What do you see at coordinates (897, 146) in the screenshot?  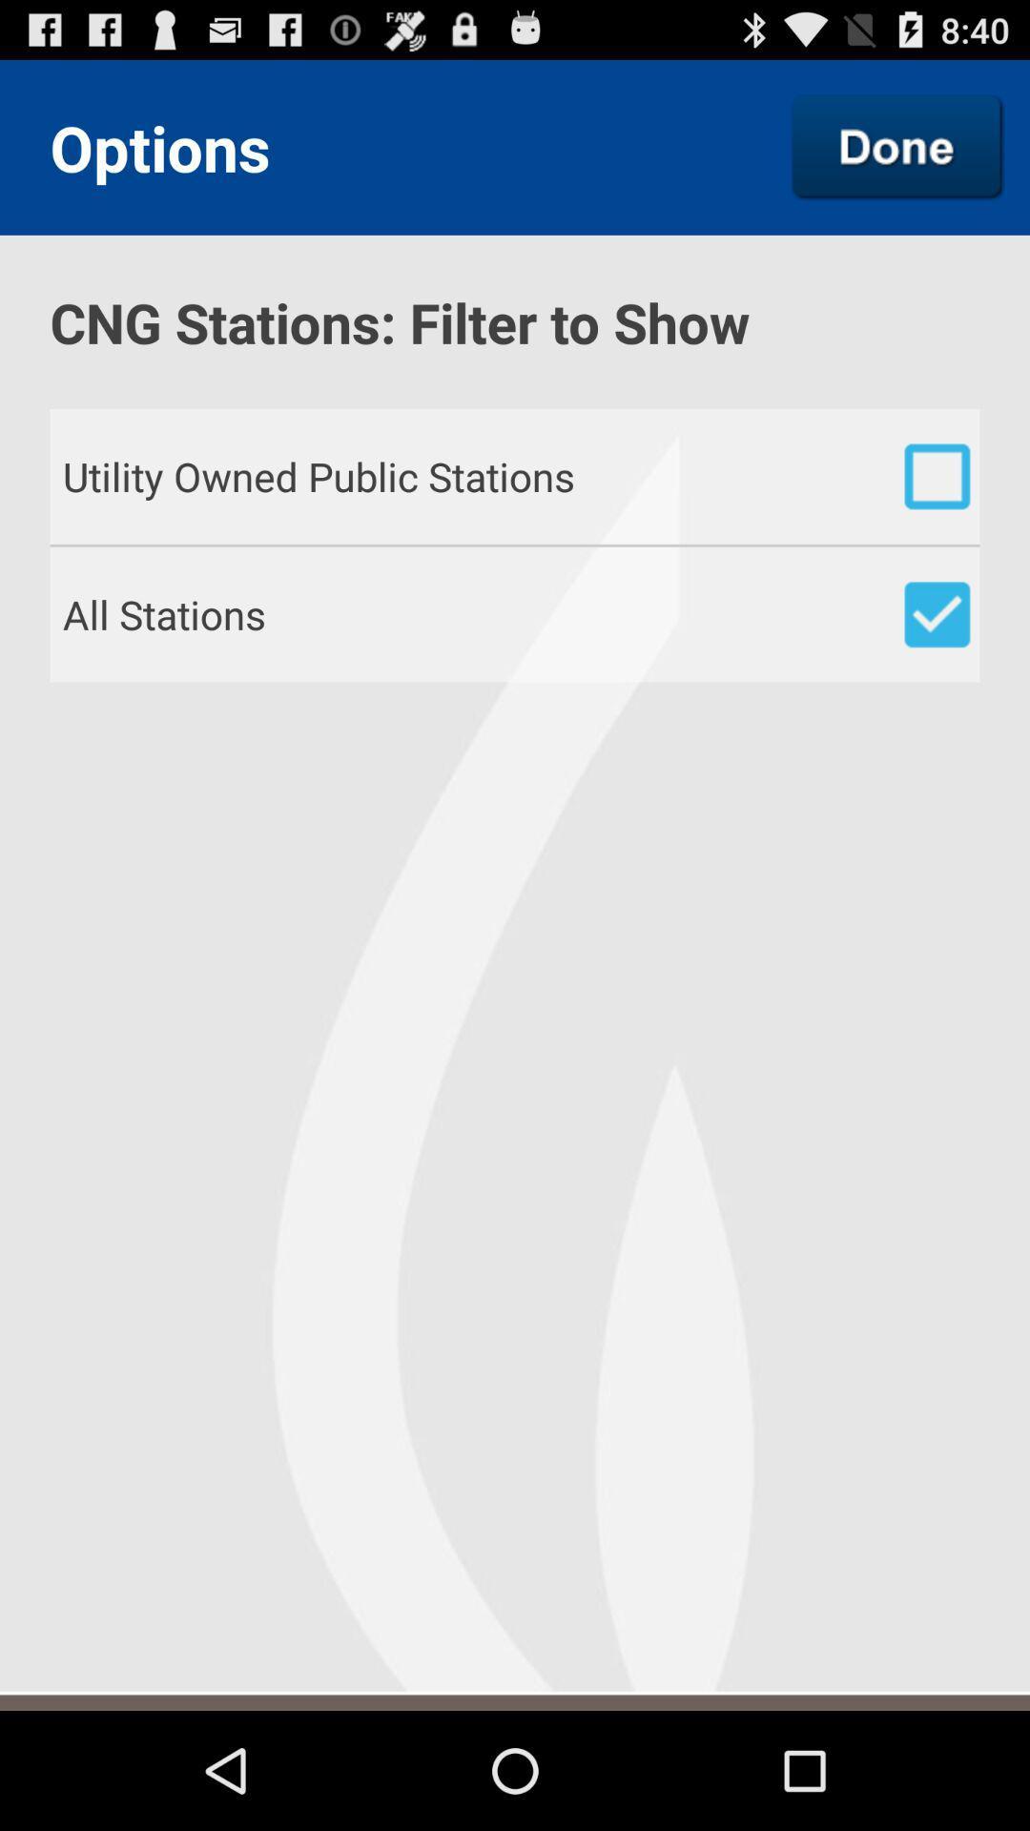 I see `finish and close the form` at bounding box center [897, 146].